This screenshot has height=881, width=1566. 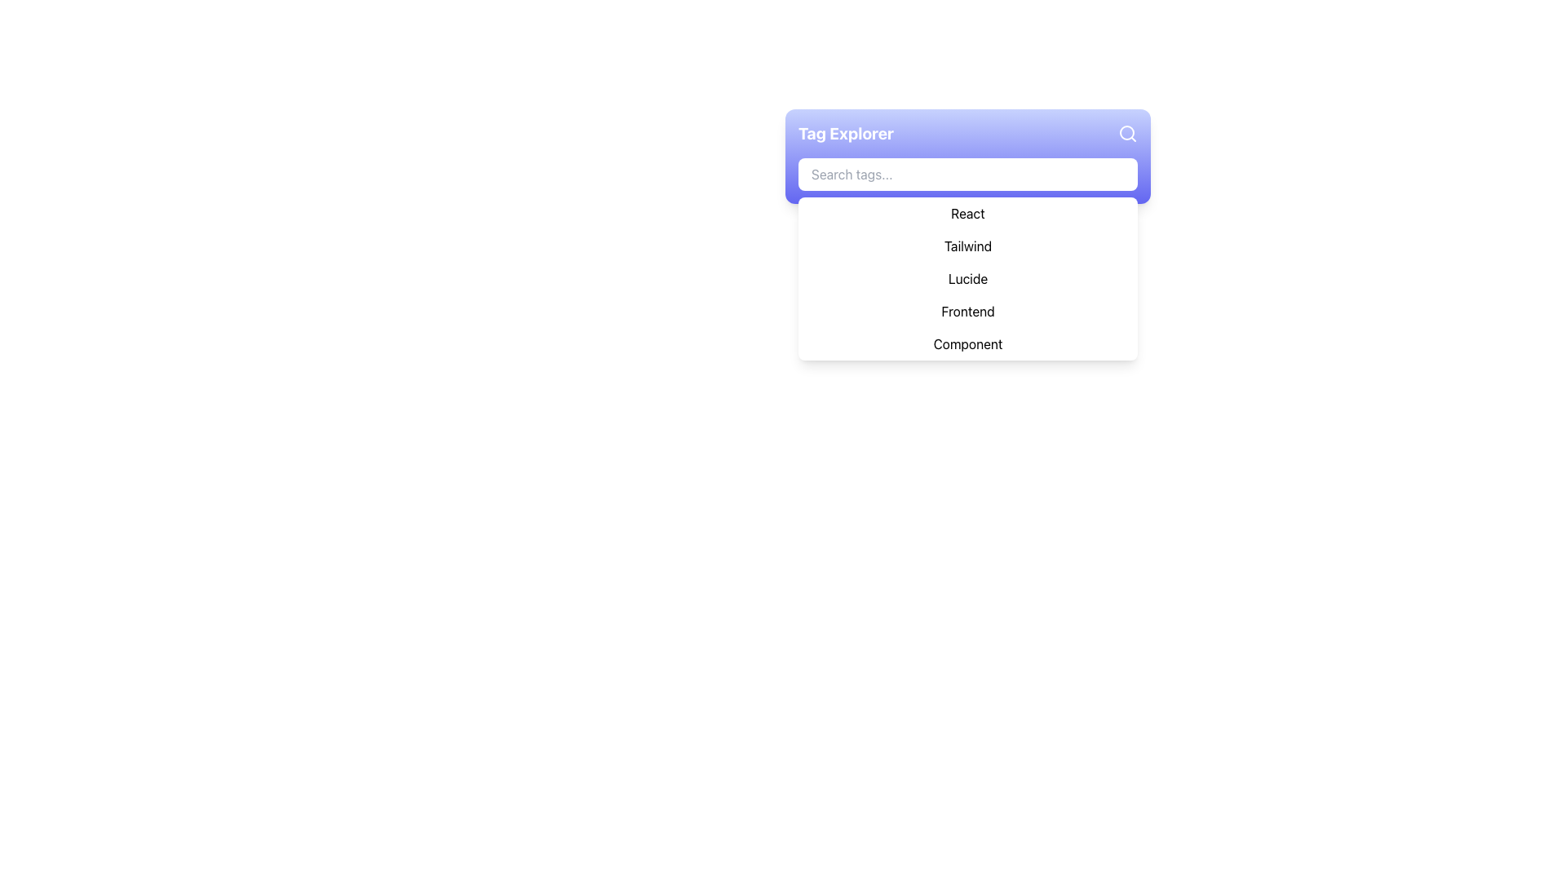 I want to click on the first entry in the dropdown menu labeled 'React', which is located directly beneath the 'Tag Explorer' search bar, so click(x=967, y=213).